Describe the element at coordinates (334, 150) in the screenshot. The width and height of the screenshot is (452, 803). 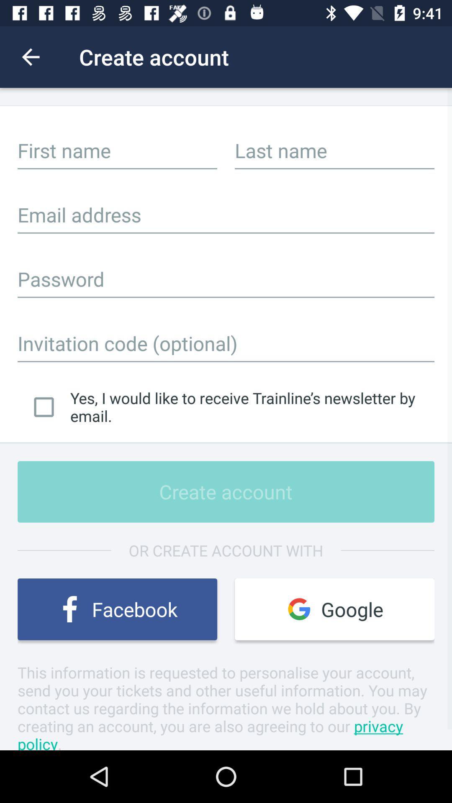
I see `last name` at that location.